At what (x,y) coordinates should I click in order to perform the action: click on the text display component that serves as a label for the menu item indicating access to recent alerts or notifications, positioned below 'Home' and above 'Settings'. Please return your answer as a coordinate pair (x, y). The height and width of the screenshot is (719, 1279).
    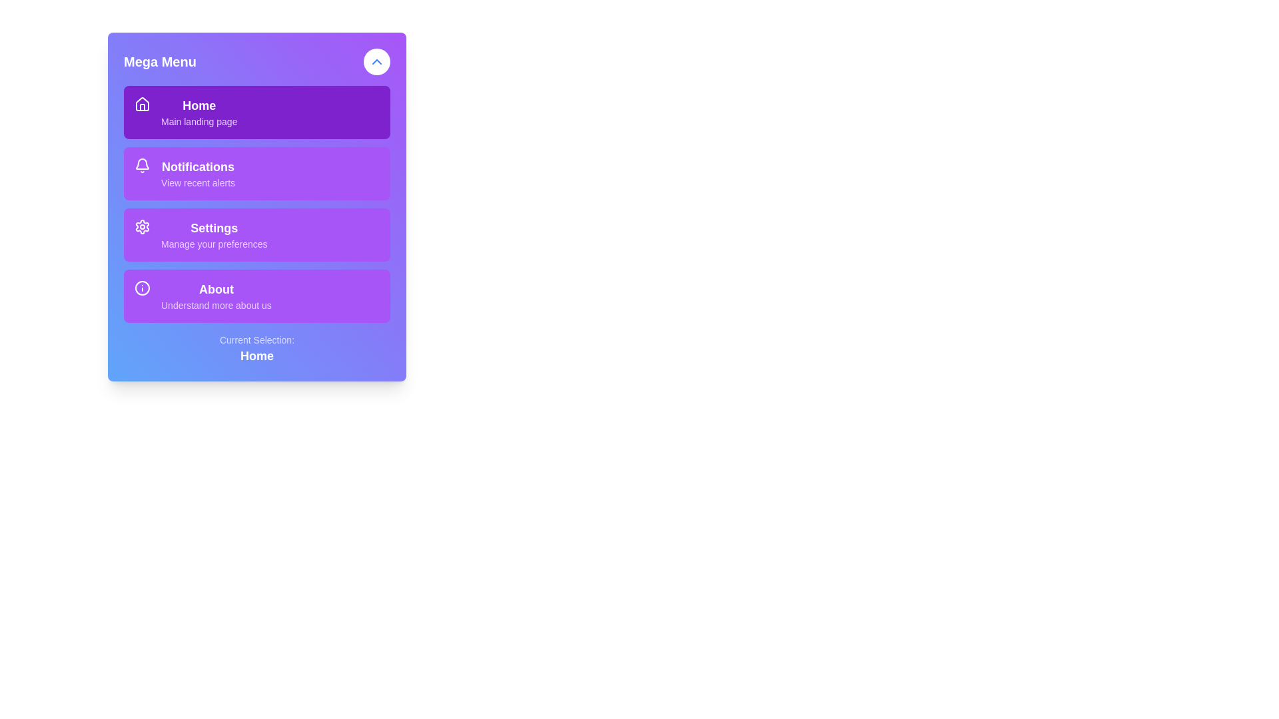
    Looking at the image, I should click on (197, 173).